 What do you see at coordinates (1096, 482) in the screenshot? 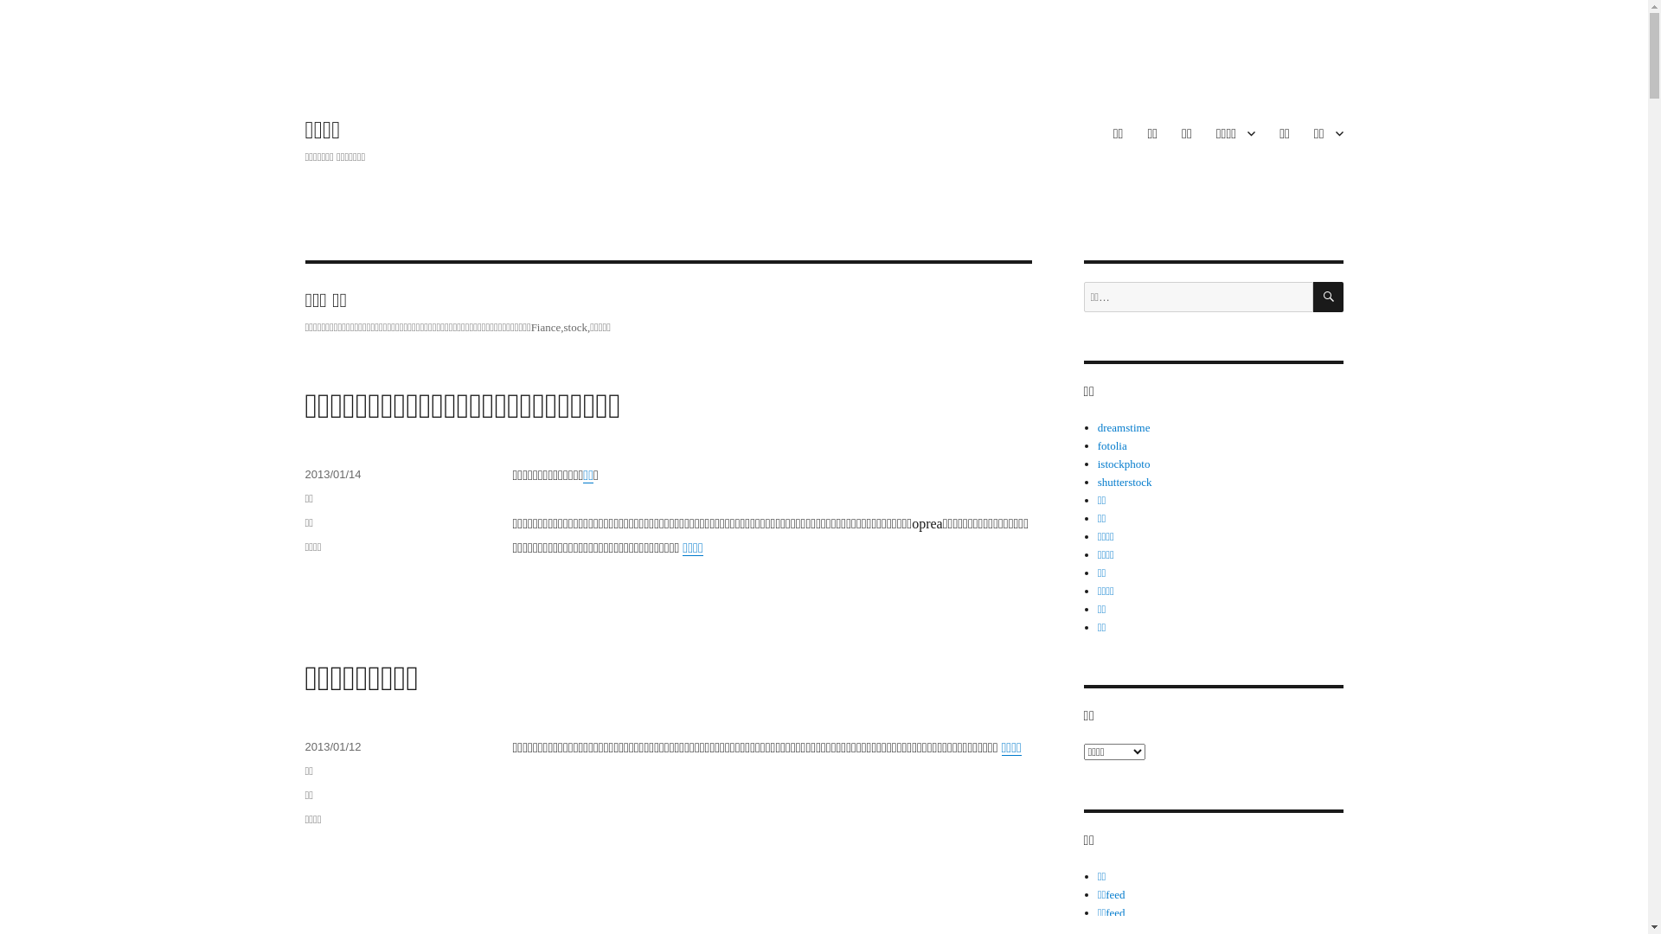
I see `'shutterstock'` at bounding box center [1096, 482].